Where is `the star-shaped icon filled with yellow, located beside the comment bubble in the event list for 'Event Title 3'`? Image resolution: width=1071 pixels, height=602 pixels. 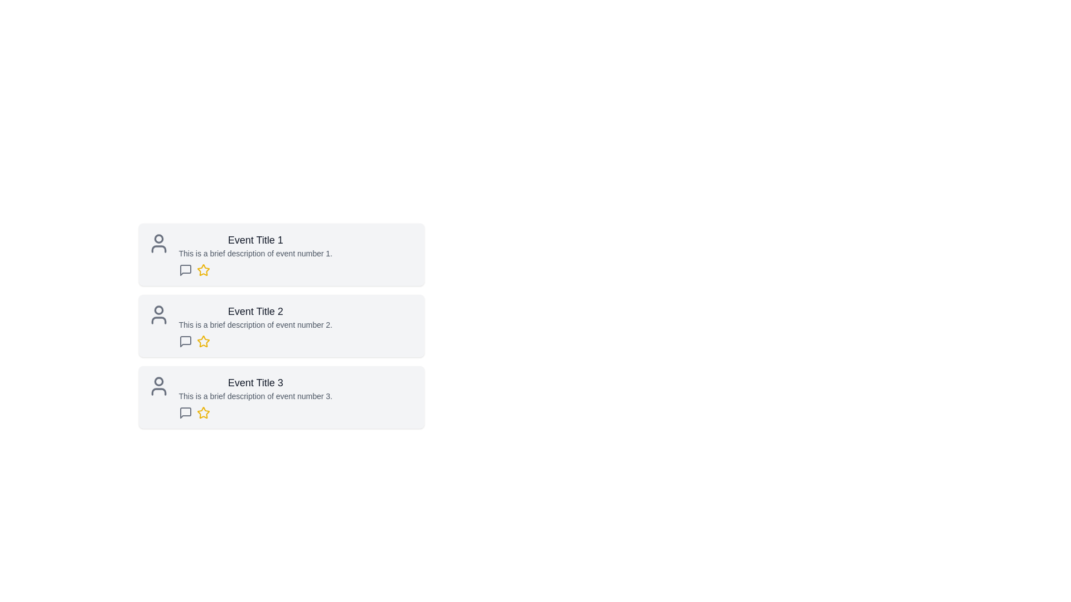 the star-shaped icon filled with yellow, located beside the comment bubble in the event list for 'Event Title 3' is located at coordinates (203, 412).